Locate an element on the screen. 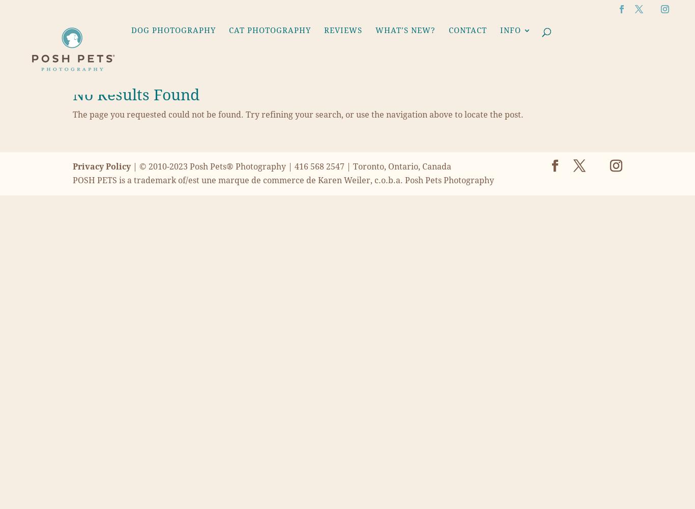 Image resolution: width=695 pixels, height=509 pixels. 'Reviews' is located at coordinates (342, 30).